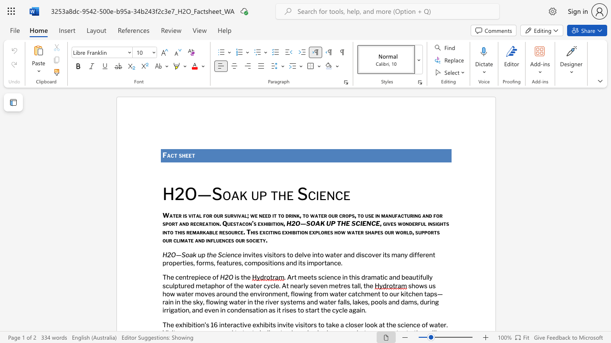 Image resolution: width=611 pixels, height=343 pixels. Describe the element at coordinates (351, 293) in the screenshot. I see `the space between the continuous character "c" and "a" in the text` at that location.